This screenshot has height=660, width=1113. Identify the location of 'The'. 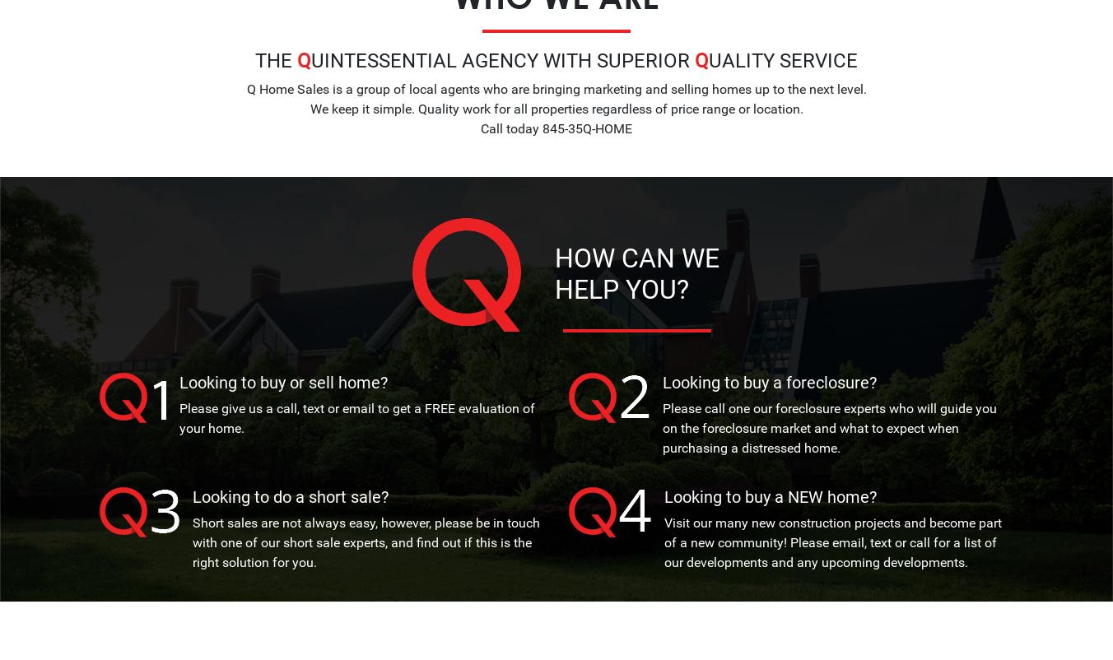
(276, 60).